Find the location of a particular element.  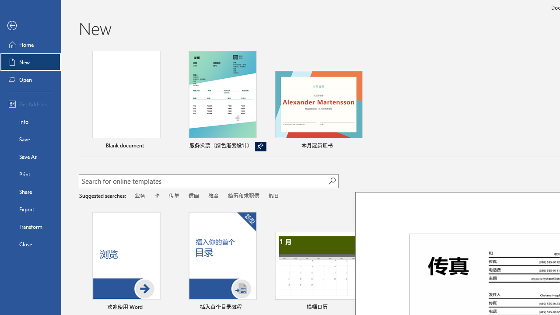

'Start searching' is located at coordinates (332, 180).